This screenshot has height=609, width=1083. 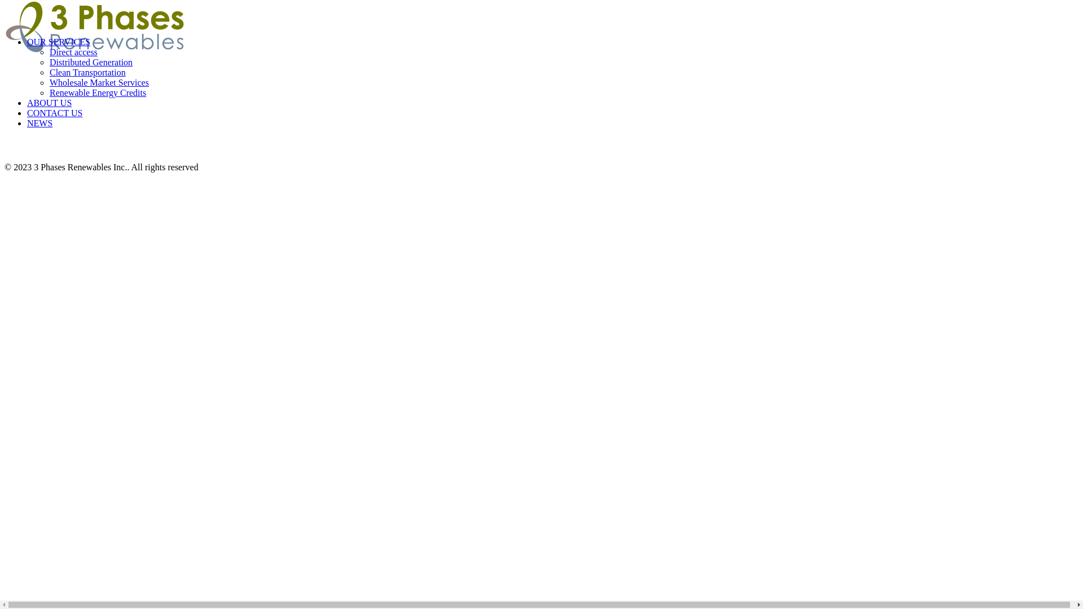 What do you see at coordinates (546, 52) in the screenshot?
I see `'FAQ'` at bounding box center [546, 52].